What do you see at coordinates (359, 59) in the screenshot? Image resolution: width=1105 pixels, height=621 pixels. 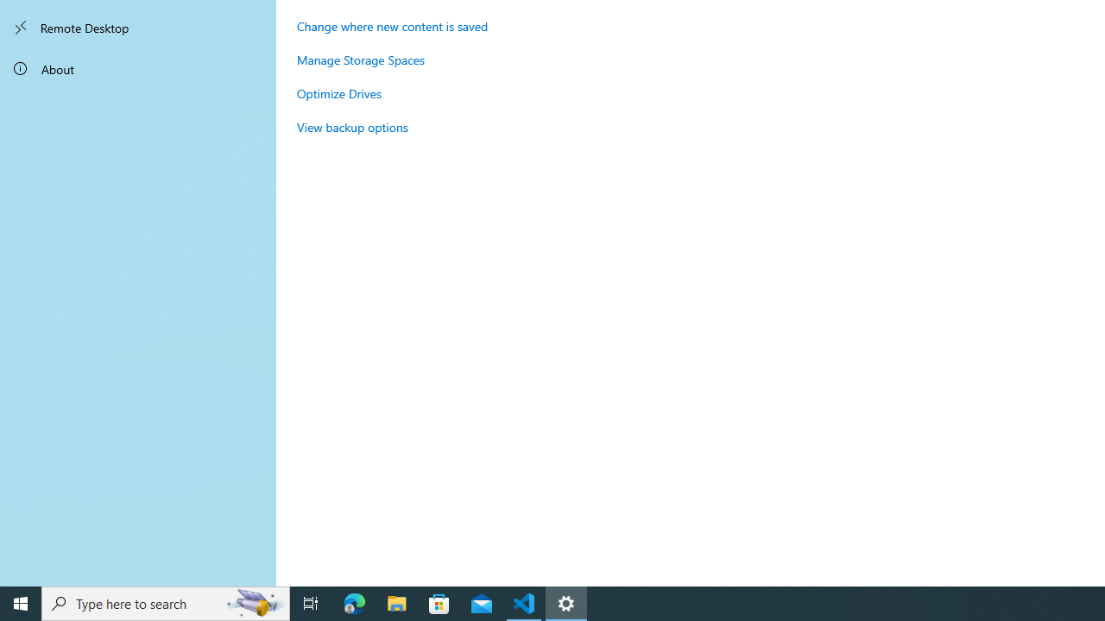 I see `'Manage Storage Spaces'` at bounding box center [359, 59].